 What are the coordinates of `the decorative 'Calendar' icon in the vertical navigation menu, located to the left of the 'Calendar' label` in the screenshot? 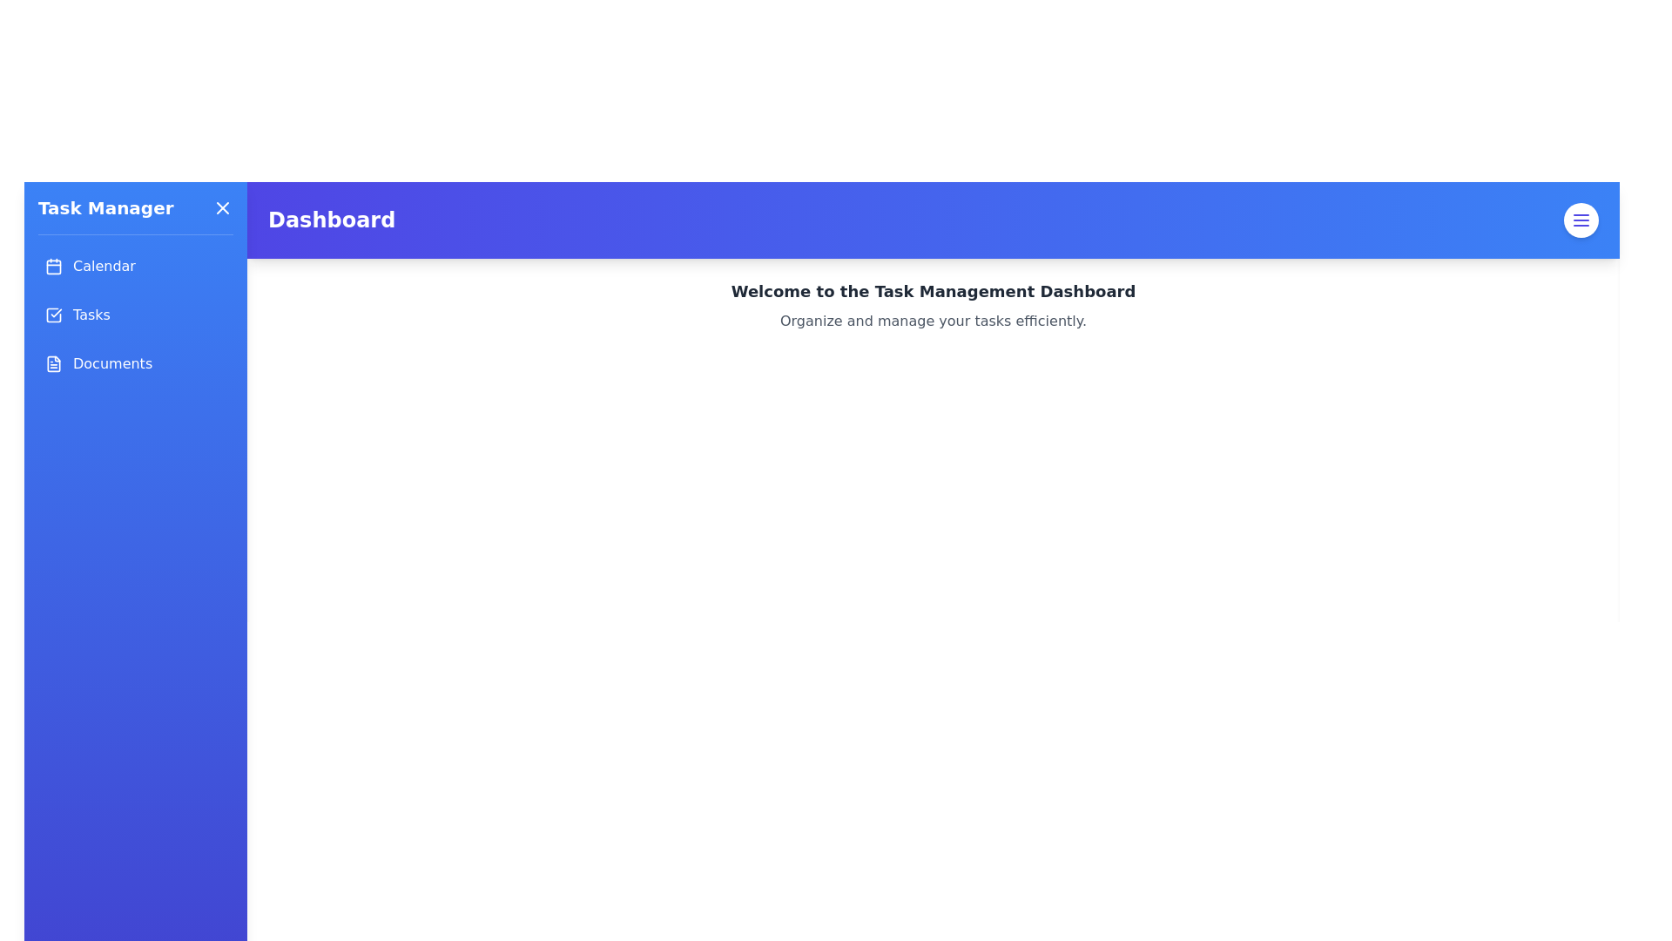 It's located at (54, 266).